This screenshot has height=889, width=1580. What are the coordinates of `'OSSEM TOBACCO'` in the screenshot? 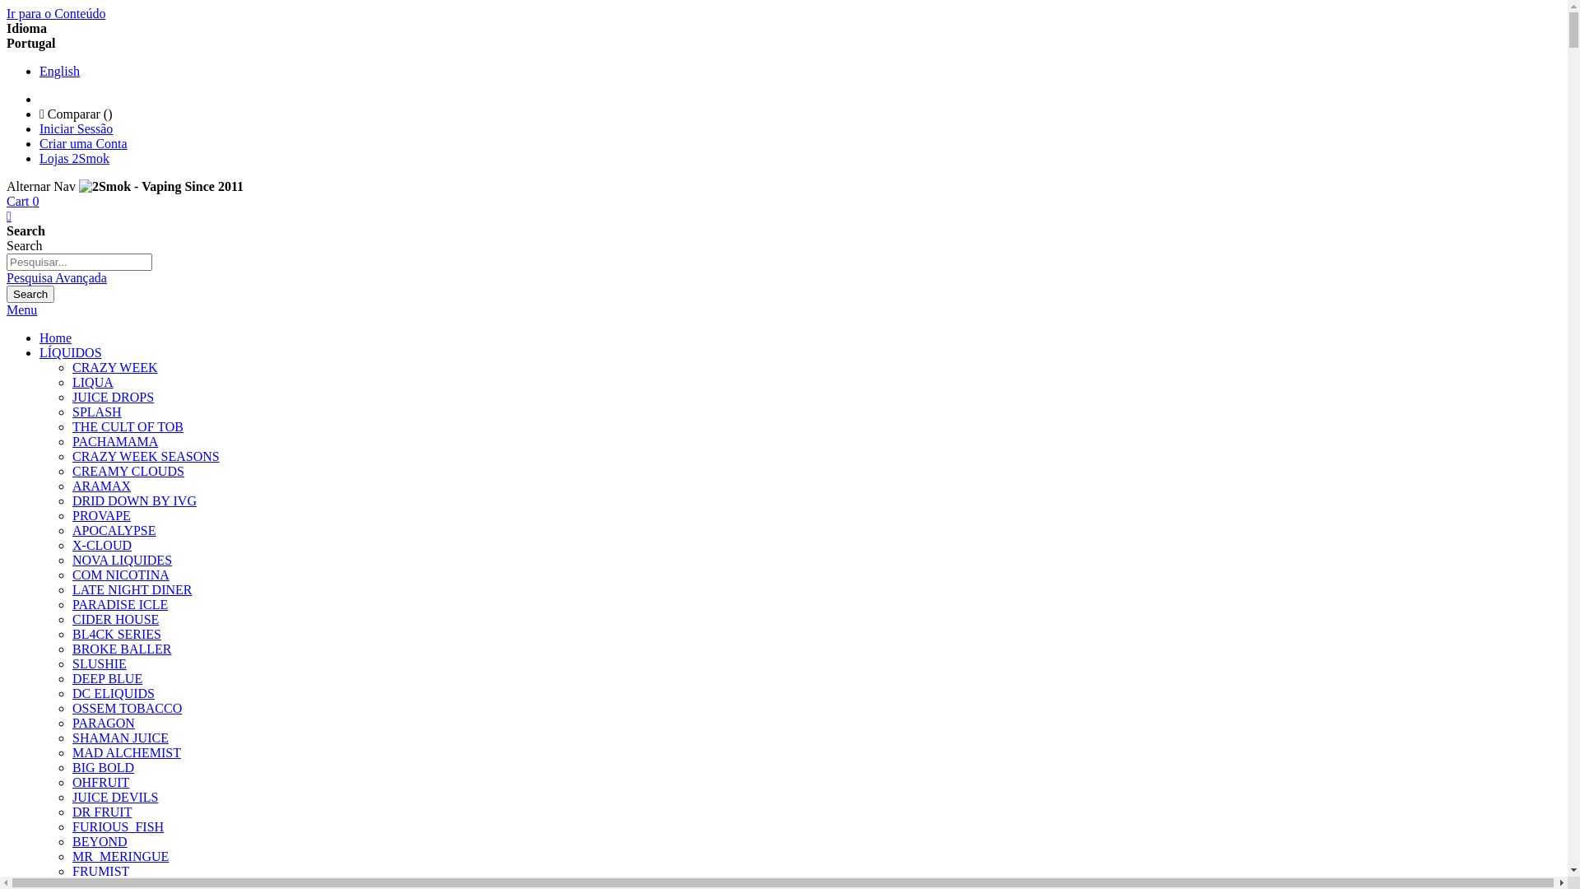 It's located at (126, 707).